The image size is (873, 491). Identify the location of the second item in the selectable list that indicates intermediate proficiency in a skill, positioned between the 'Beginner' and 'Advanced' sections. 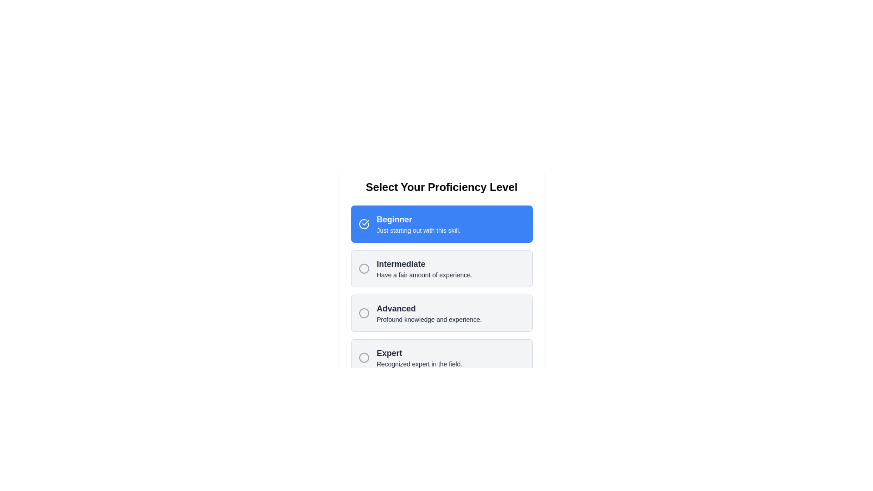
(442, 291).